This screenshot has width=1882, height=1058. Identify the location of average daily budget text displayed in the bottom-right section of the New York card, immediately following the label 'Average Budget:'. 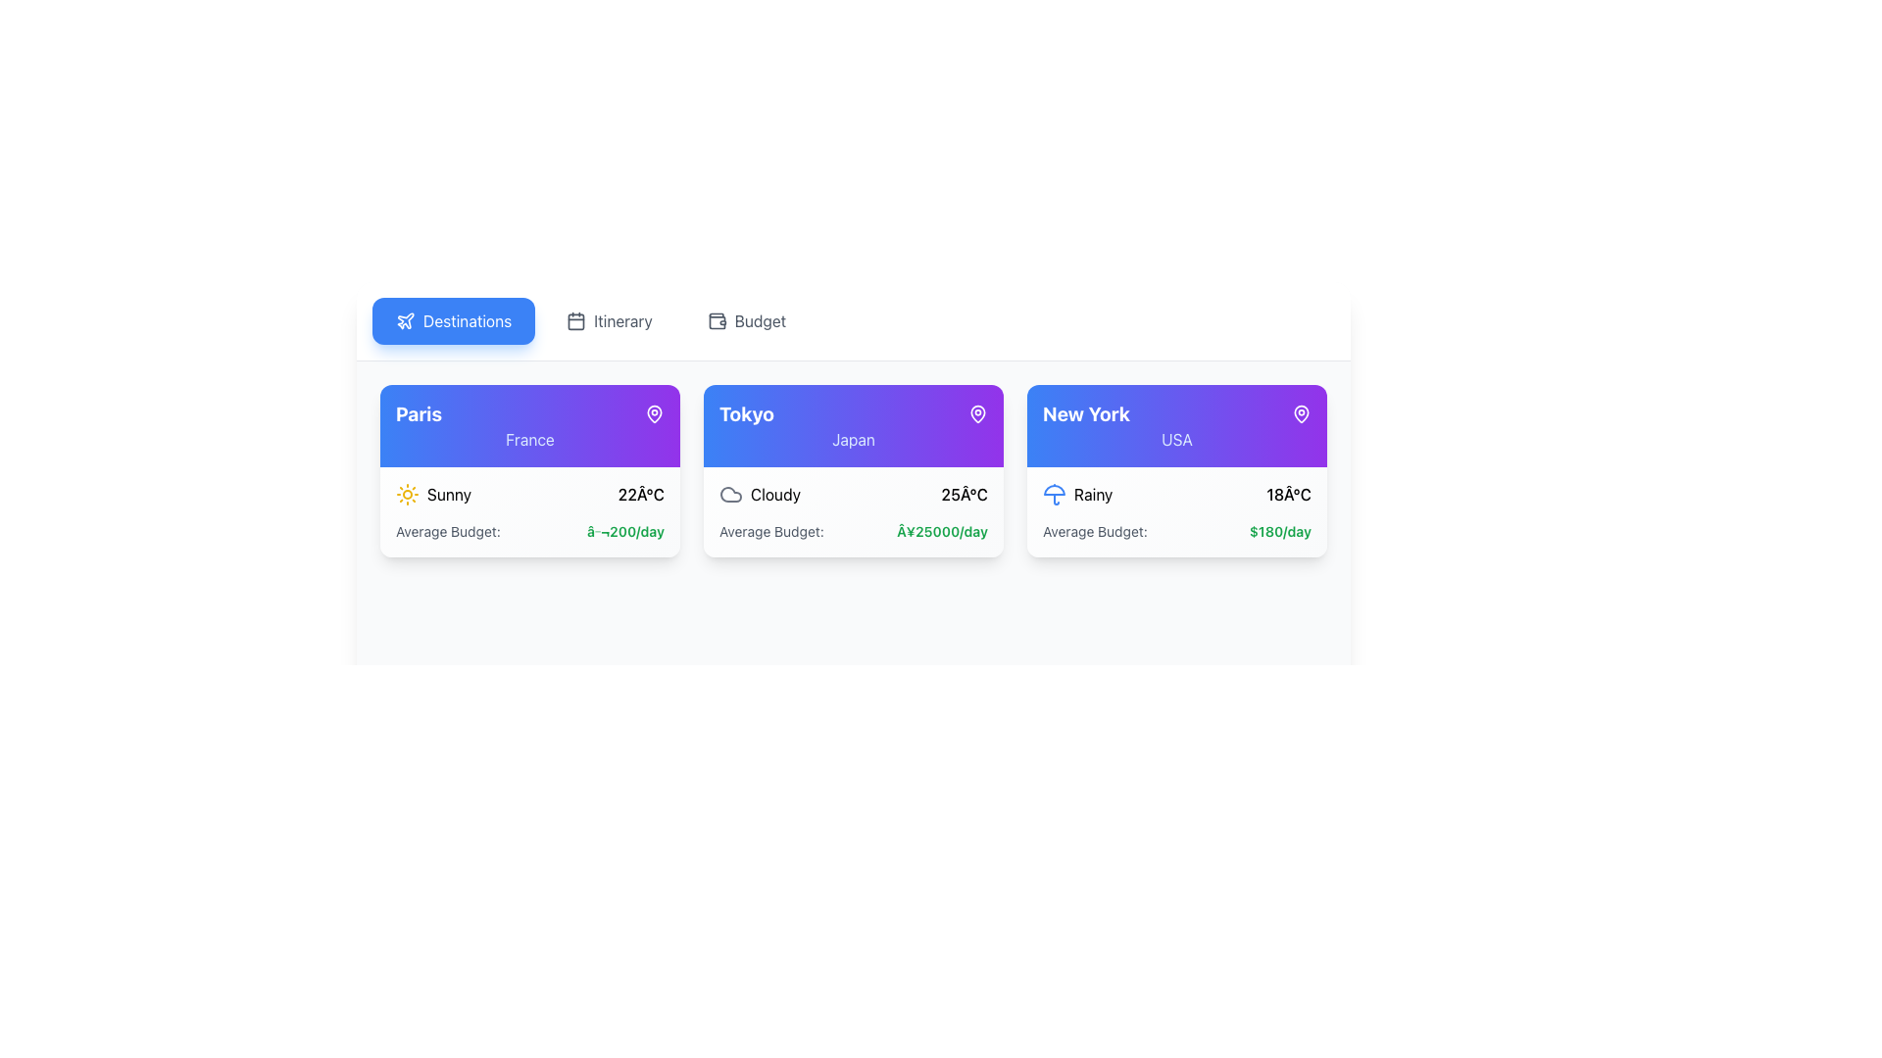
(1280, 532).